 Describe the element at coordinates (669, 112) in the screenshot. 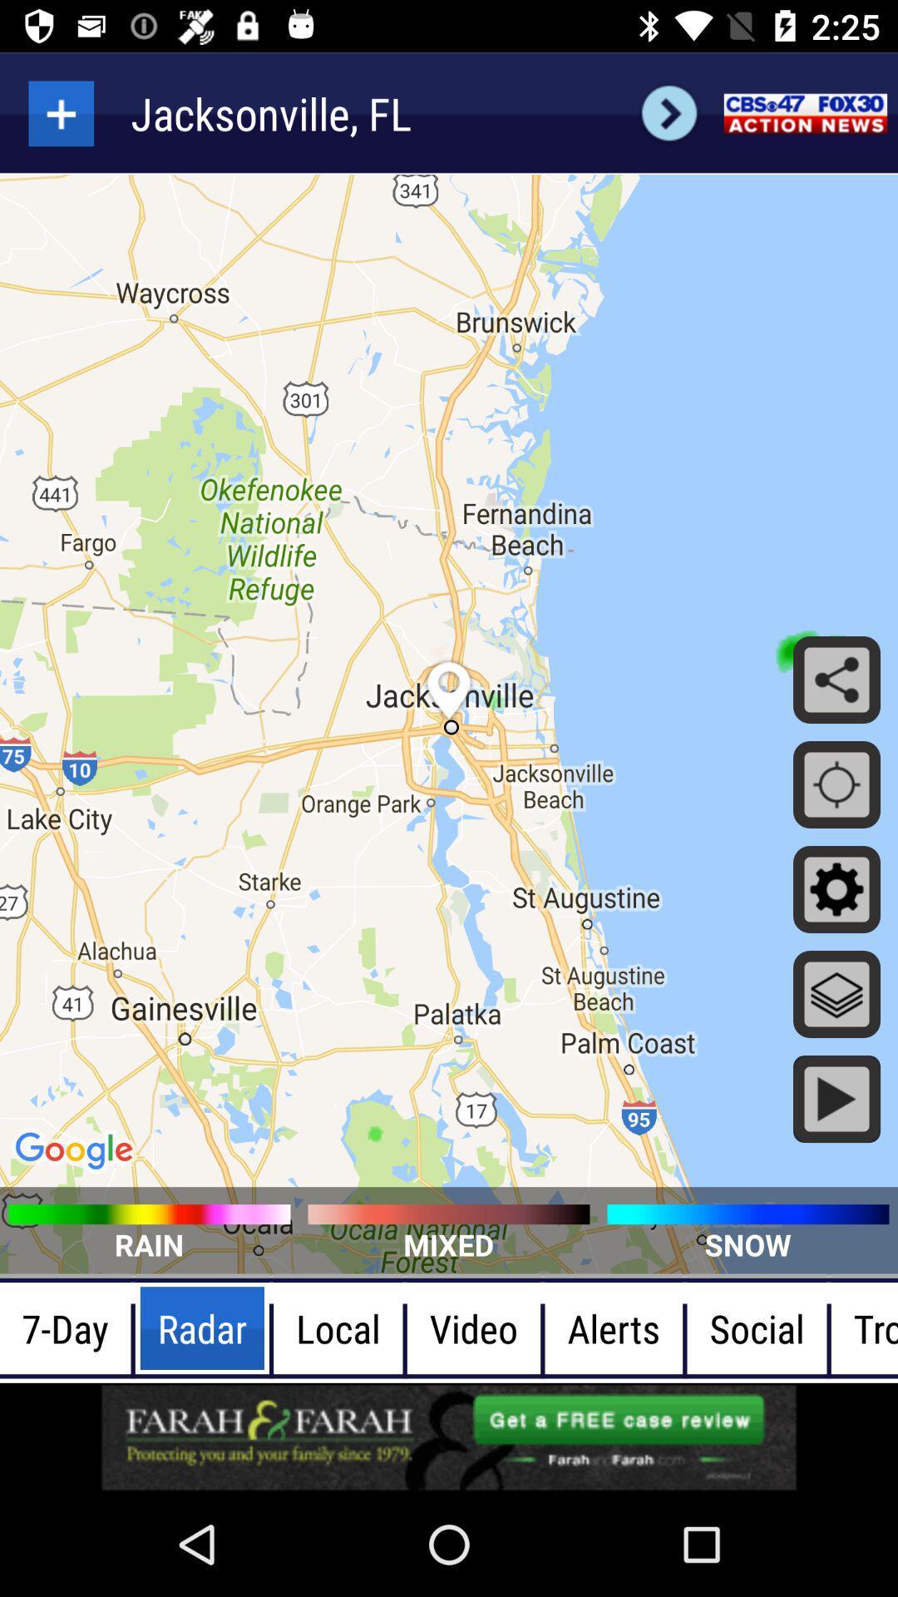

I see `the arrow_forward icon` at that location.